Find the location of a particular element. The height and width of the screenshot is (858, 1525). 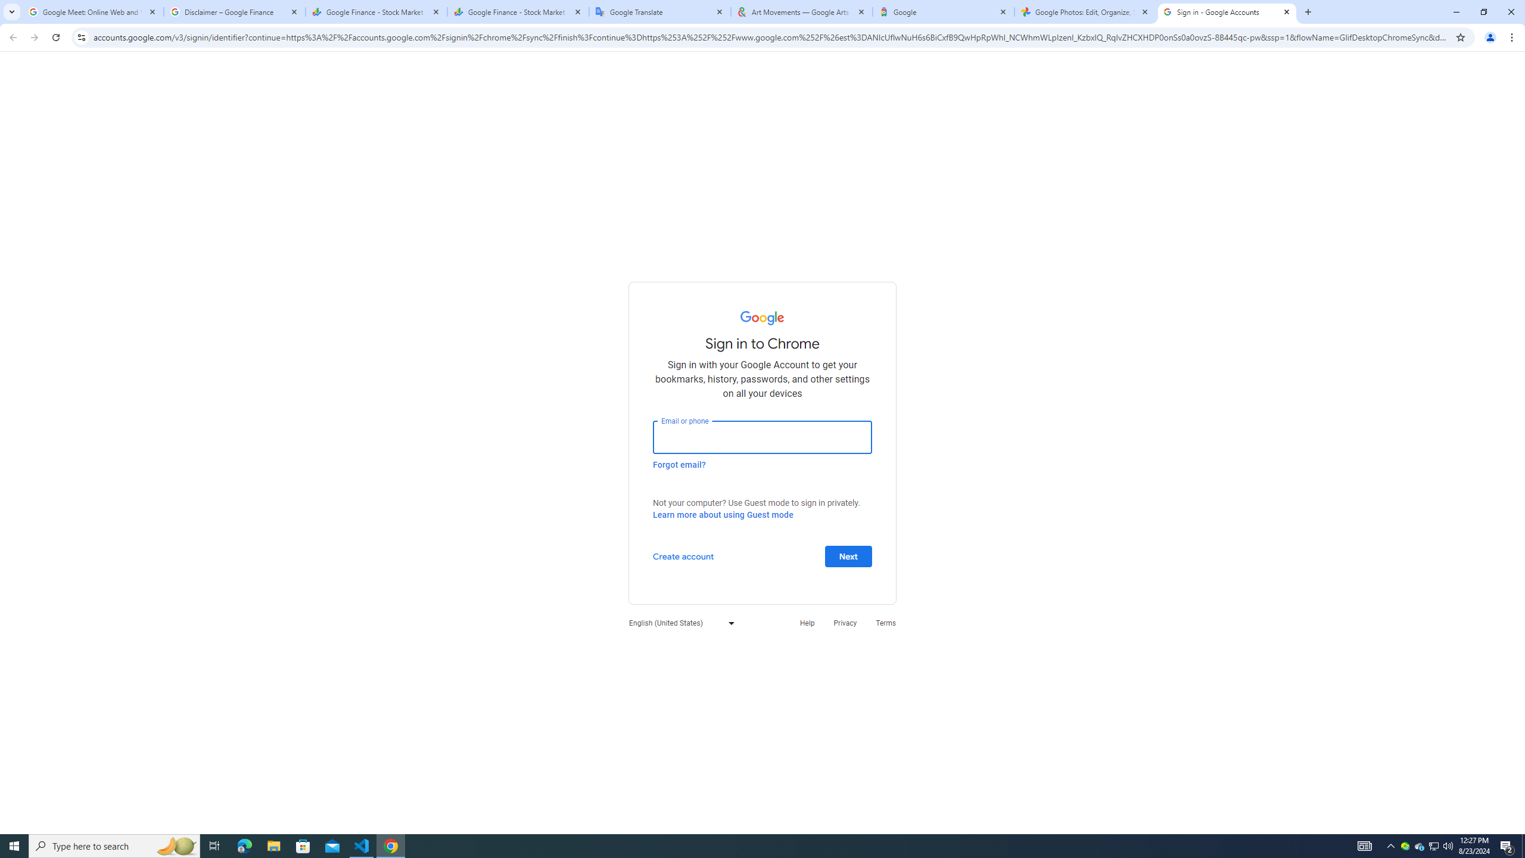

'Forgot email?' is located at coordinates (679, 464).